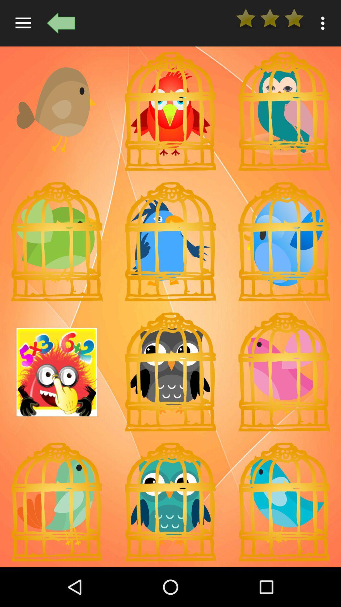 This screenshot has height=607, width=341. Describe the element at coordinates (284, 372) in the screenshot. I see `sound` at that location.